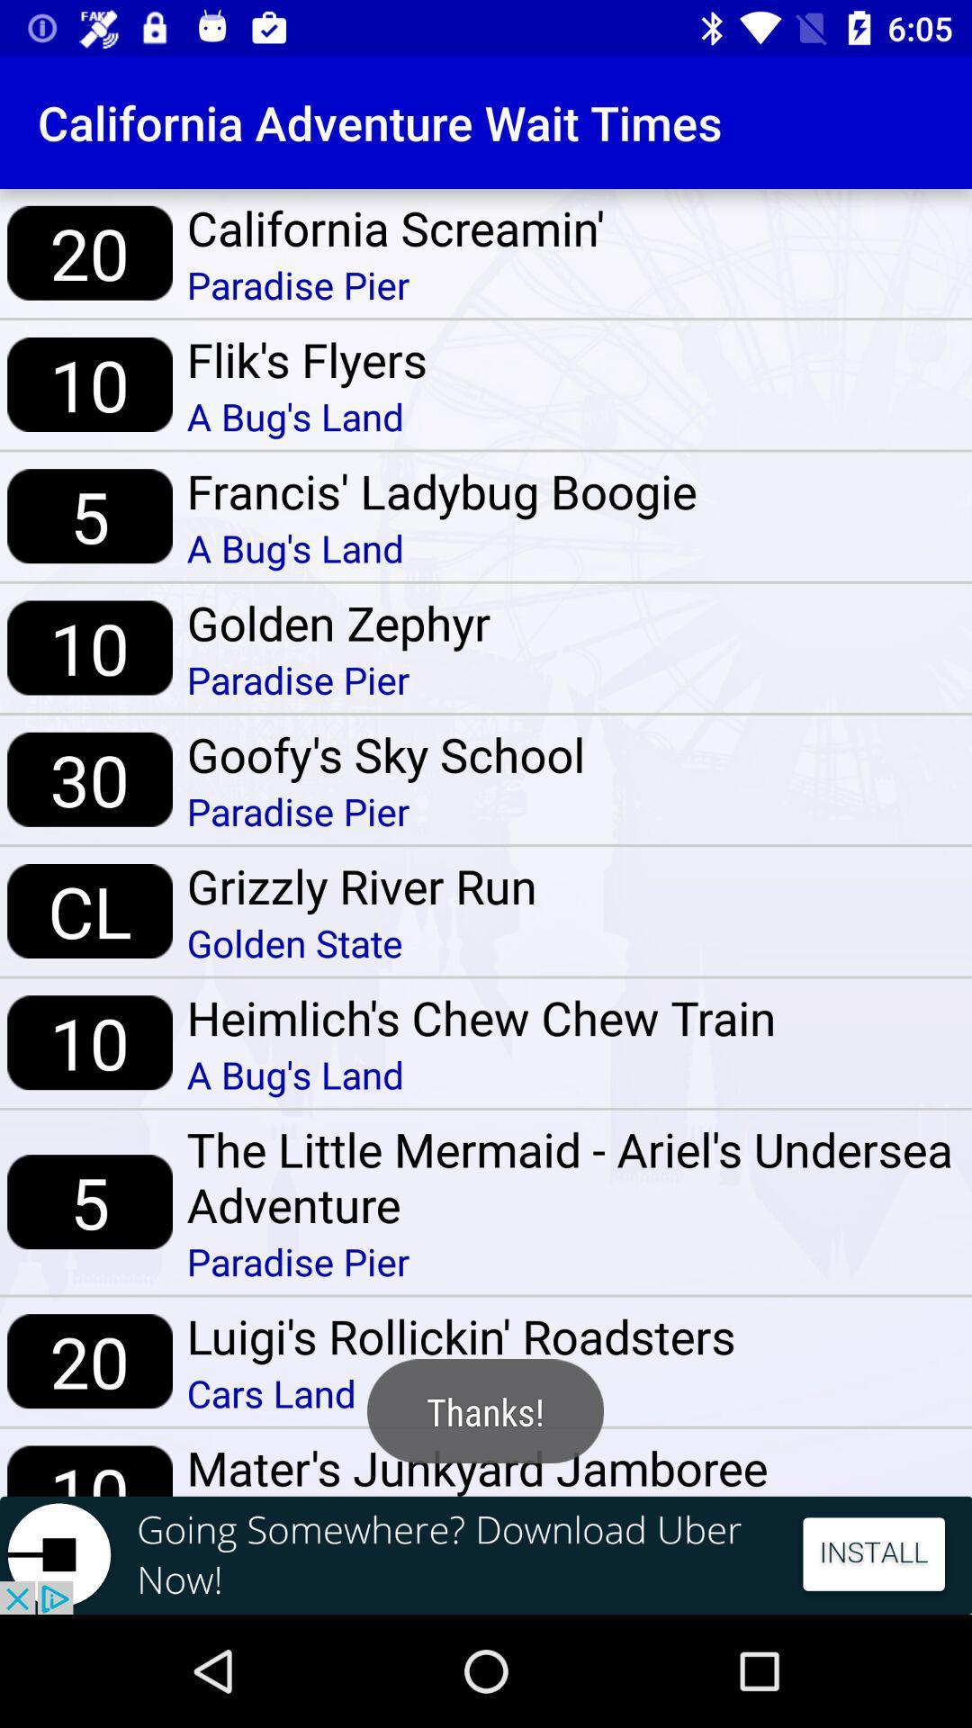  What do you see at coordinates (306, 359) in the screenshot?
I see `the item below paradise pier item` at bounding box center [306, 359].